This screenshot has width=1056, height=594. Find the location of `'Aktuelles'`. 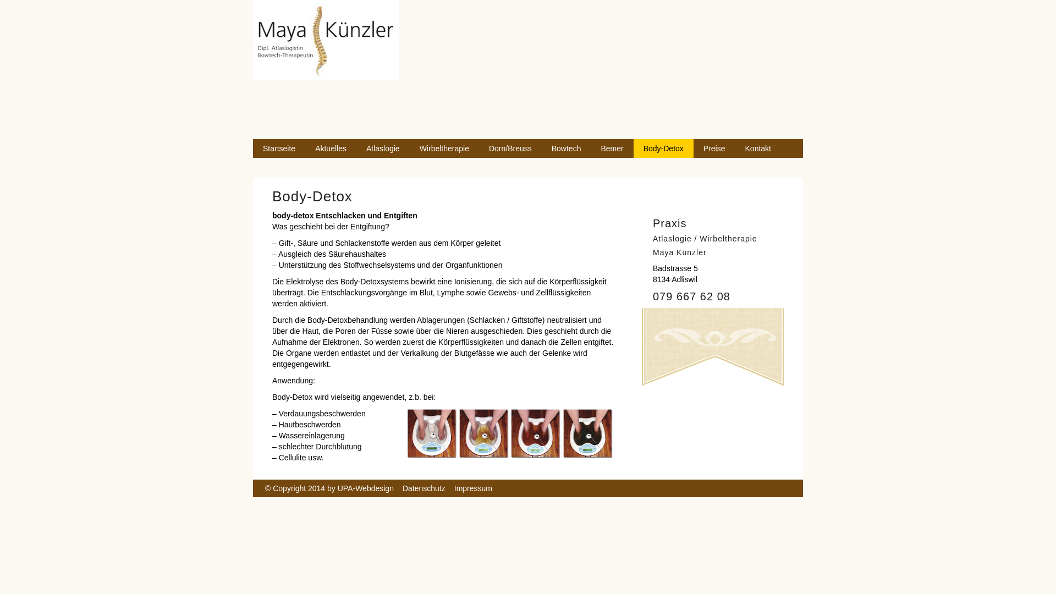

'Aktuelles' is located at coordinates (330, 148).